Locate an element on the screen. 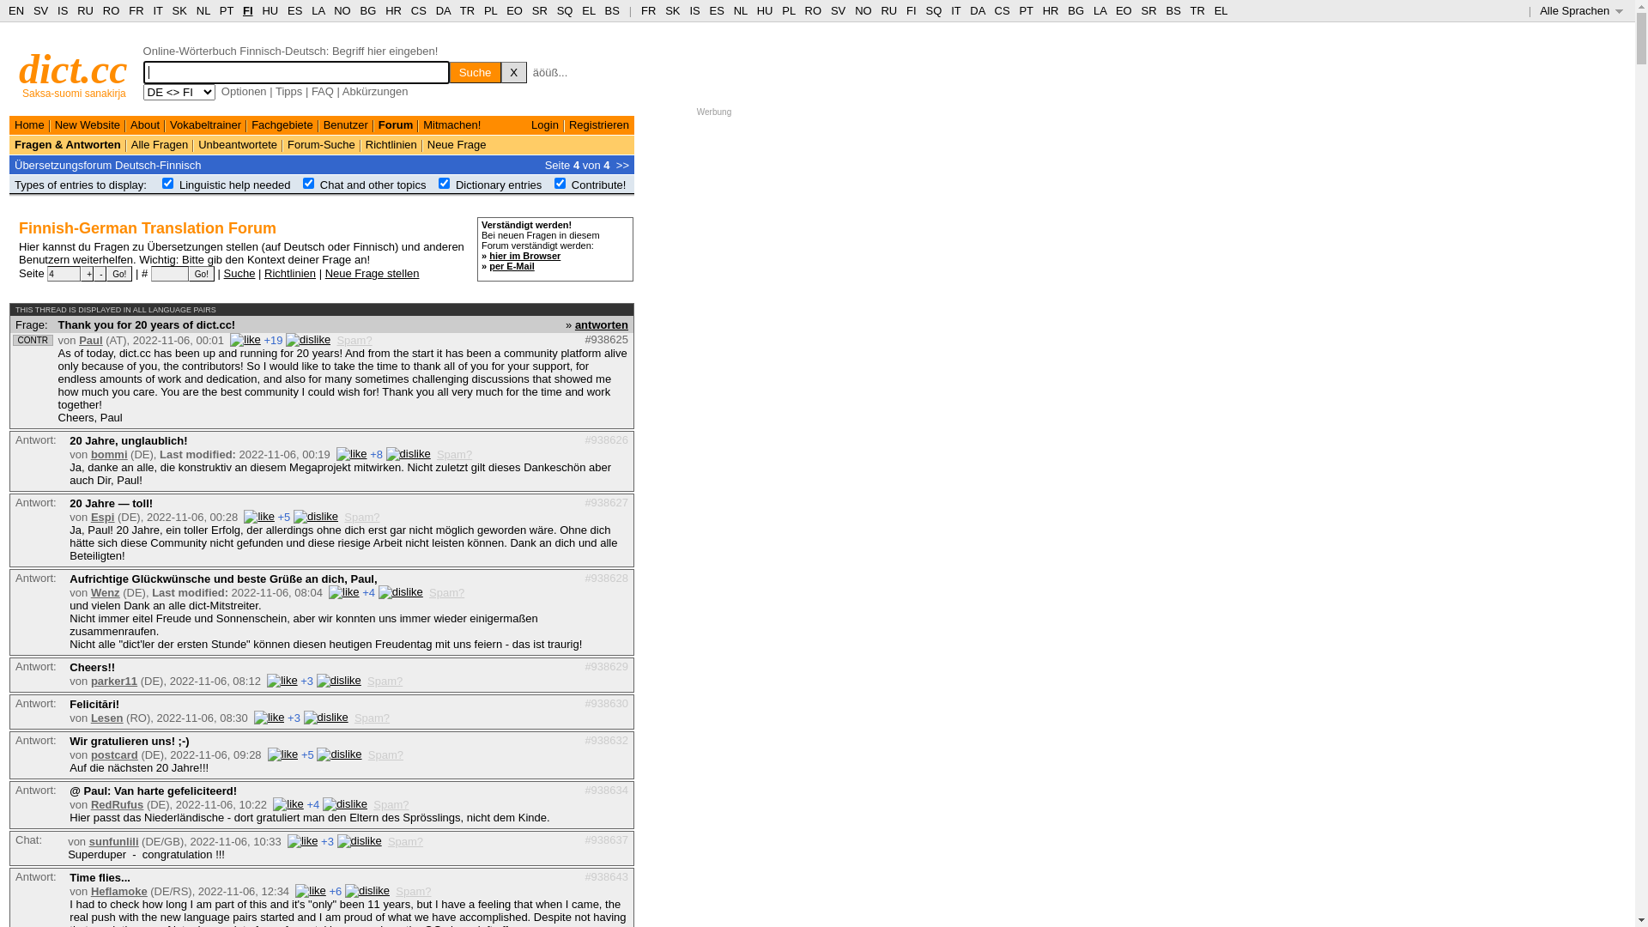 This screenshot has height=927, width=1648. '#938627' is located at coordinates (585, 502).